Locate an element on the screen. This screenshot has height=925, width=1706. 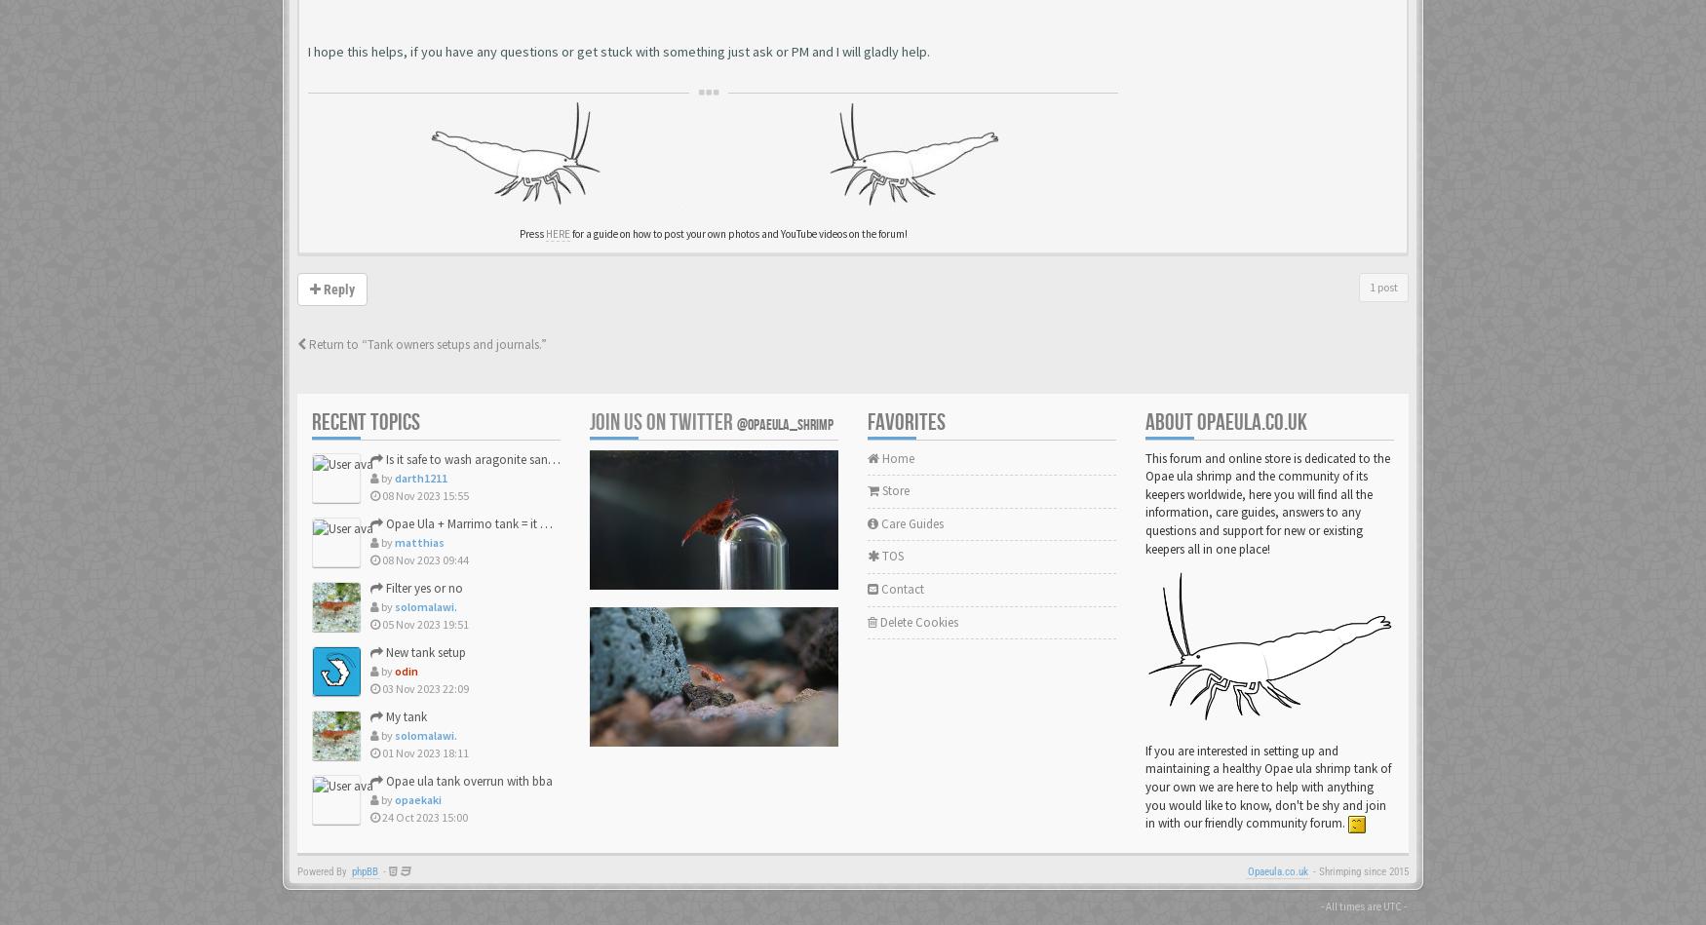
'@opaeula_shrimp' is located at coordinates (784, 424).